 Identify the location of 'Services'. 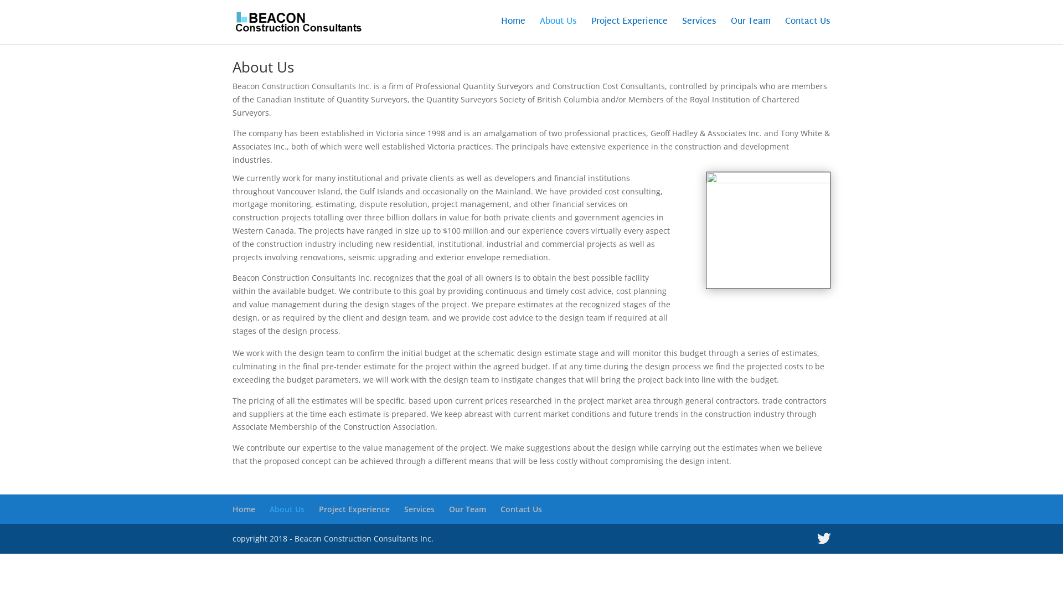
(419, 509).